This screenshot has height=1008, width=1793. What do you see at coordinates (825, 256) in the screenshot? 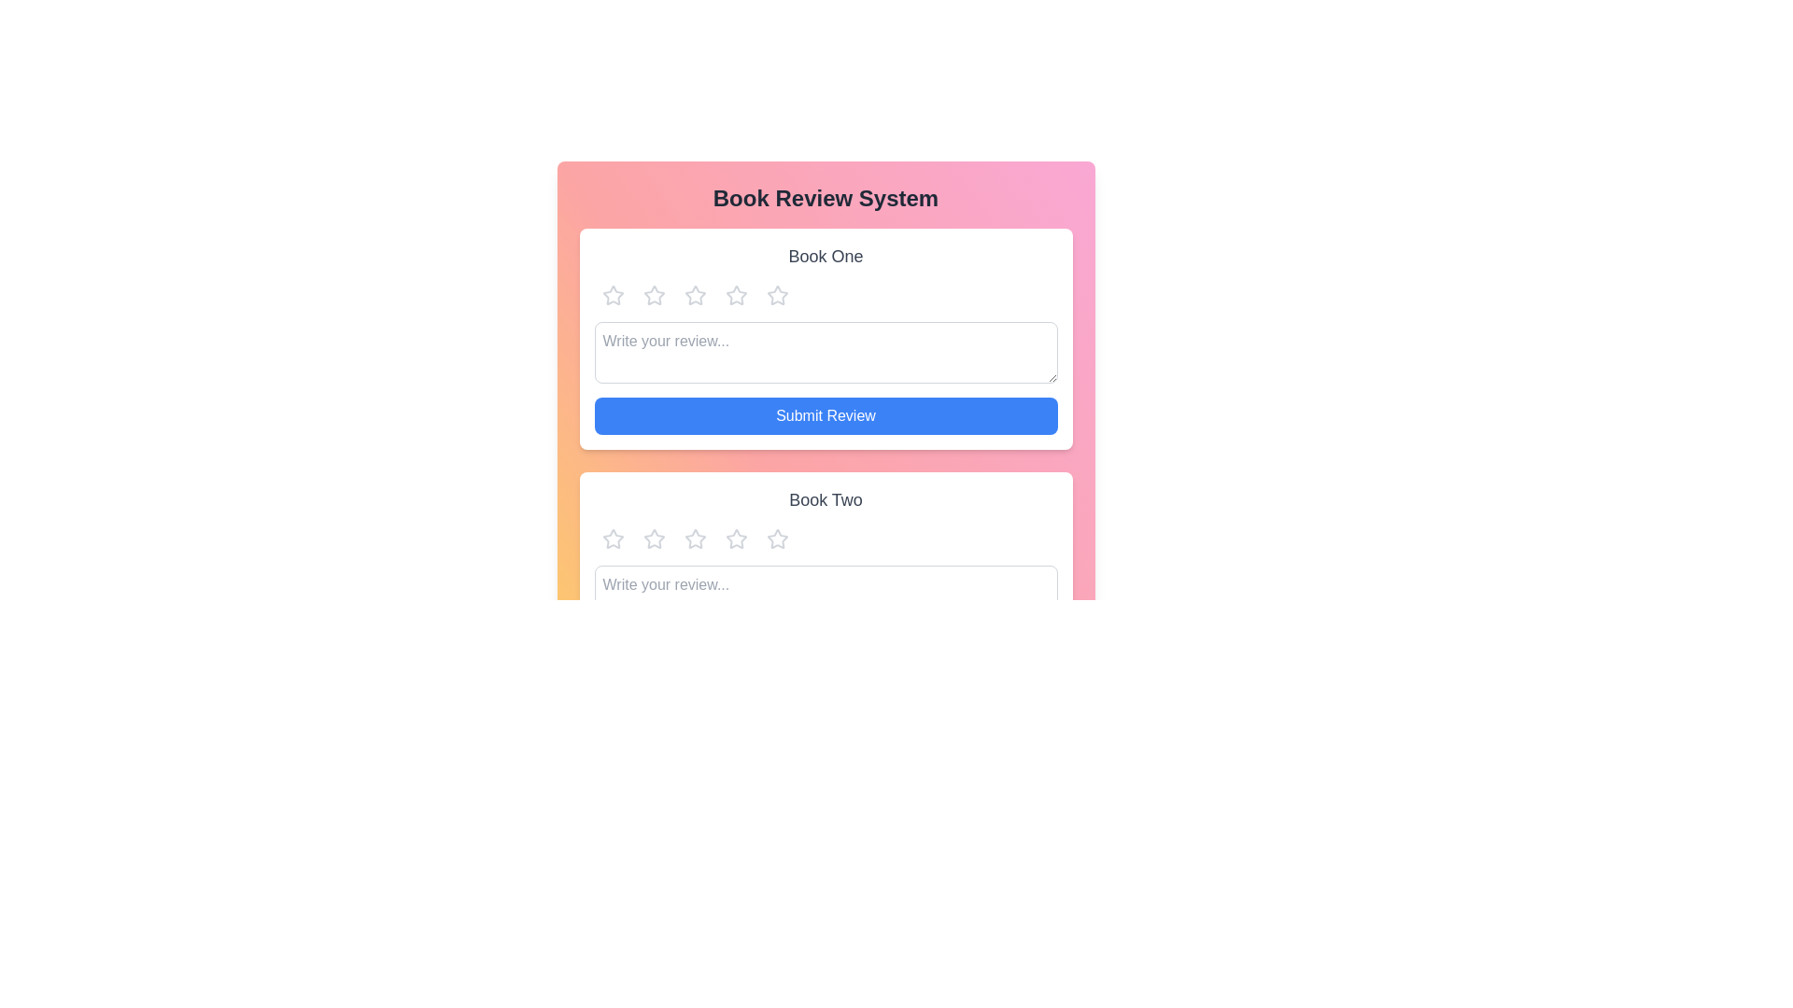
I see `the title of the book Book One to read` at bounding box center [825, 256].